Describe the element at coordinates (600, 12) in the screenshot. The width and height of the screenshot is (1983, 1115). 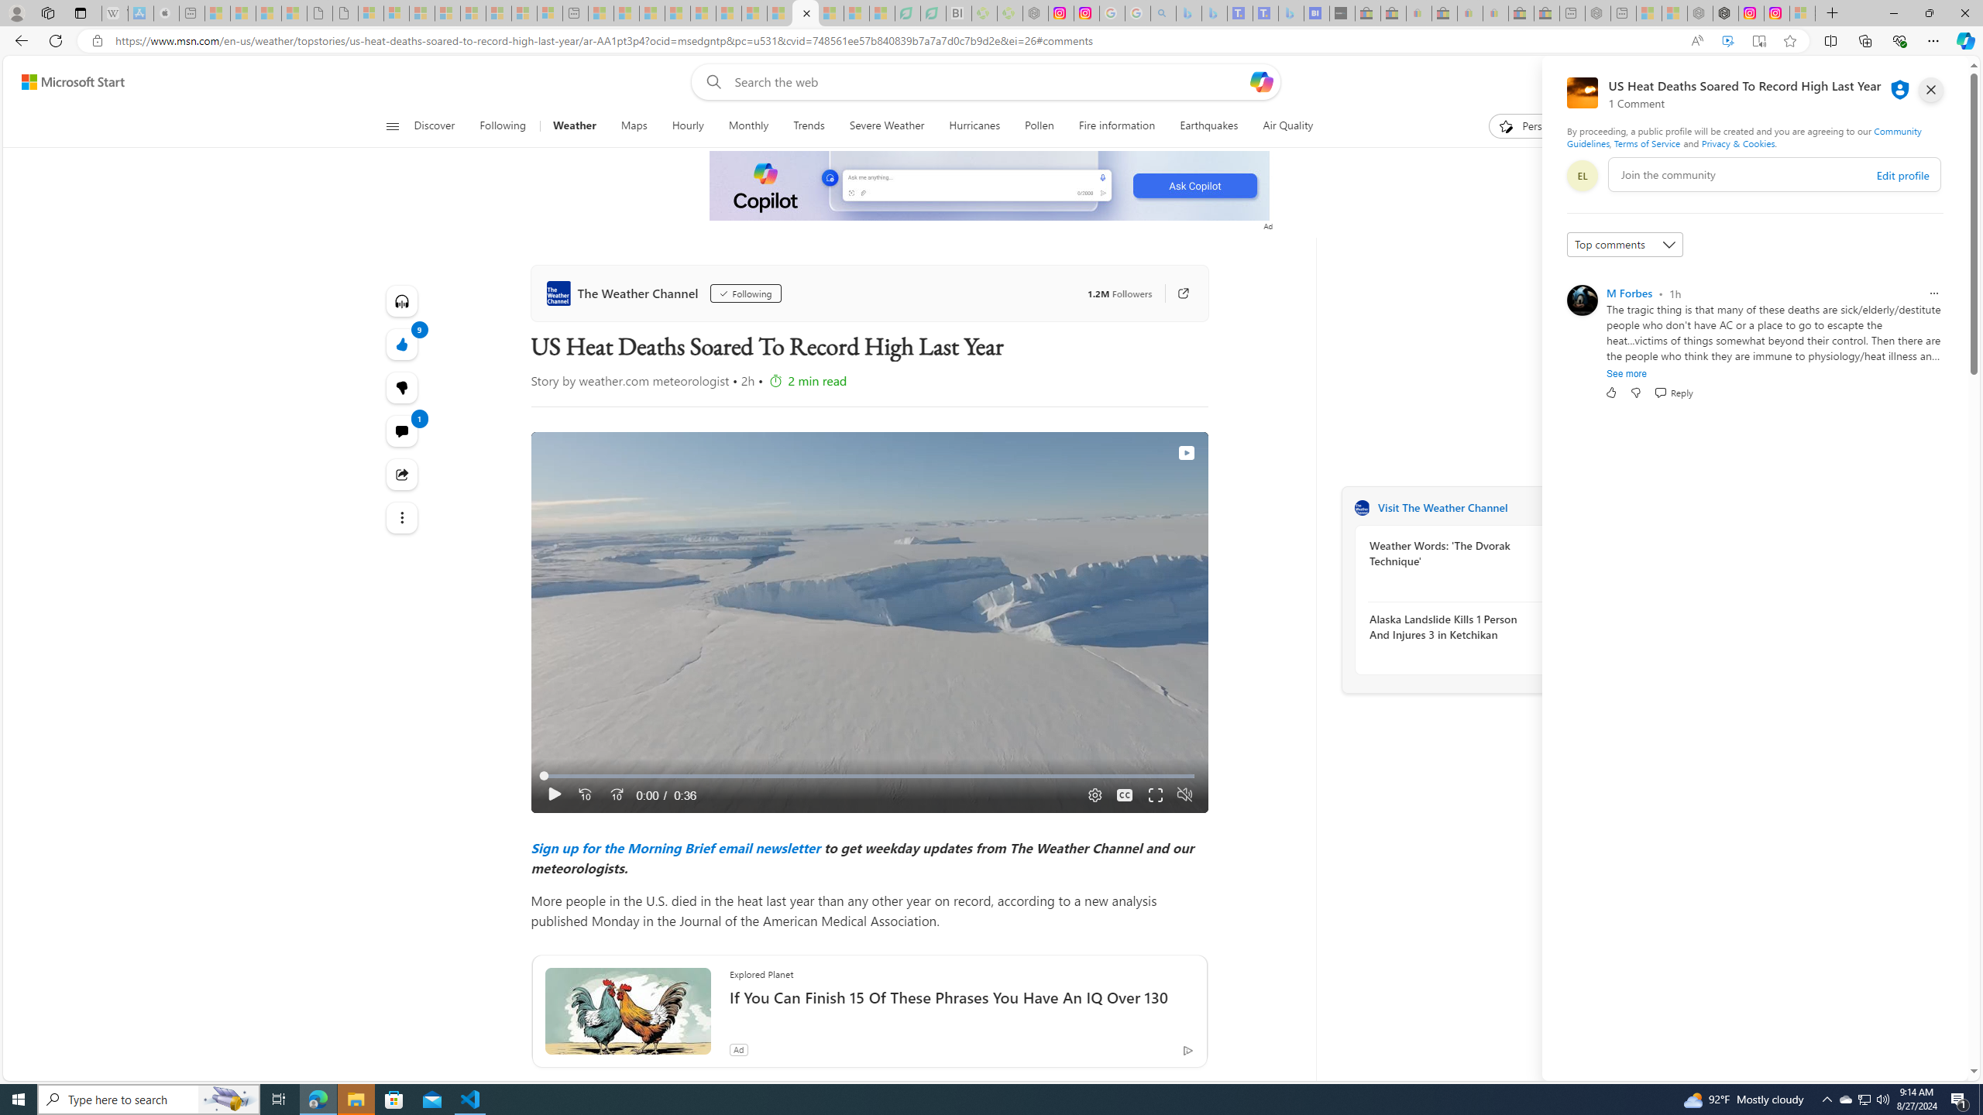
I see `'Top Stories - MSN - Sleeping'` at that location.